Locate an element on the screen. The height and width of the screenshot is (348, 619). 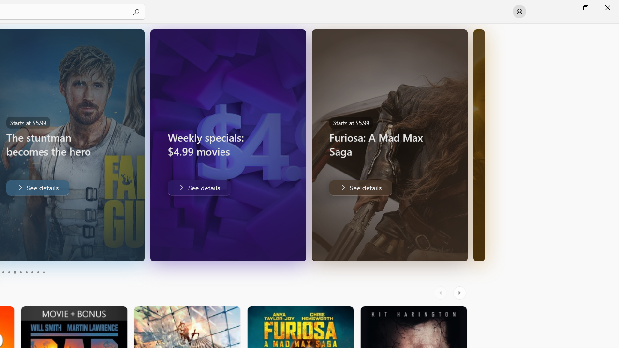
'Page 6' is located at coordinates (20, 272).